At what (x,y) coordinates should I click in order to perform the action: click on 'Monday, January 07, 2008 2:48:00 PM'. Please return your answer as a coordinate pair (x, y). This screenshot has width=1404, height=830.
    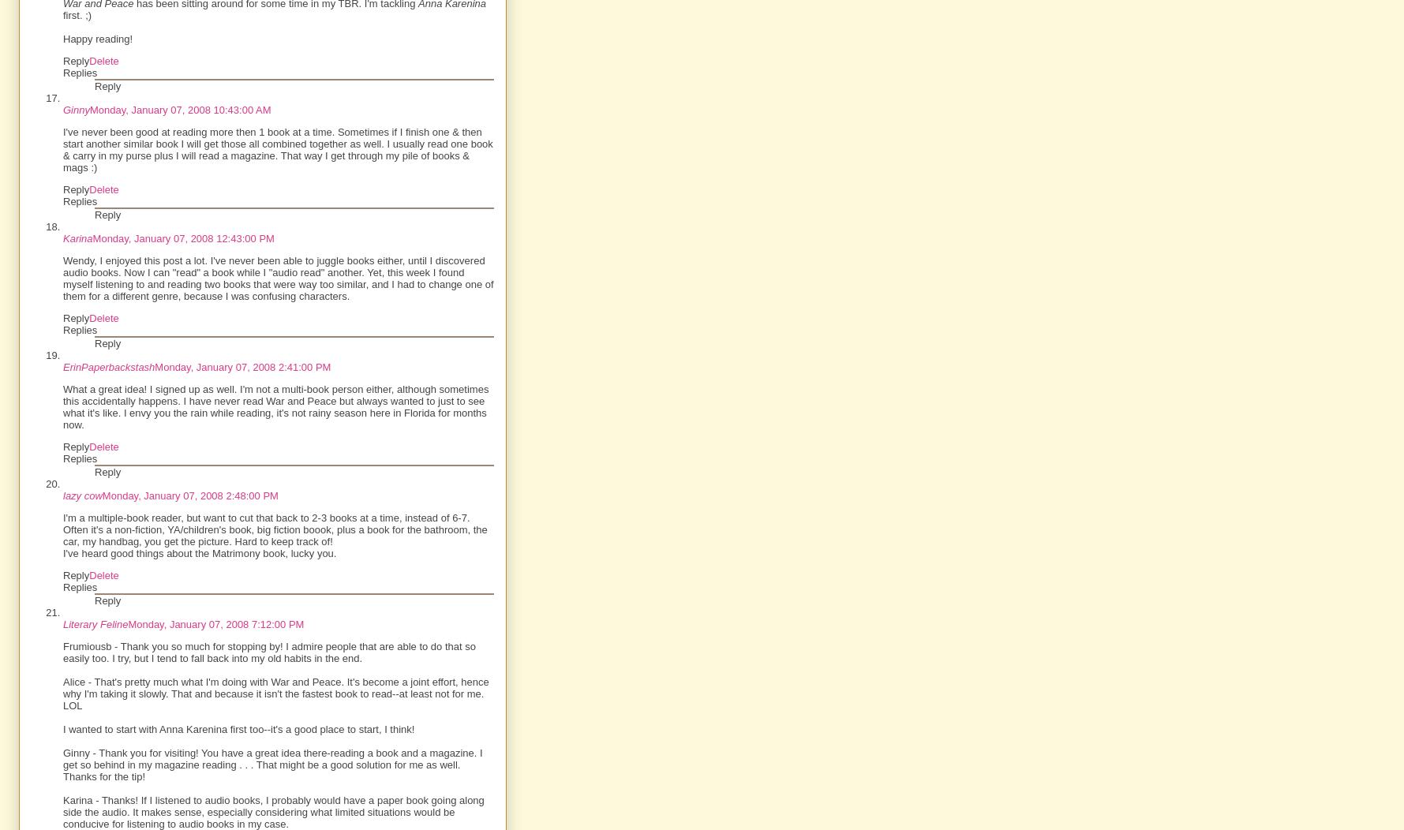
    Looking at the image, I should click on (100, 495).